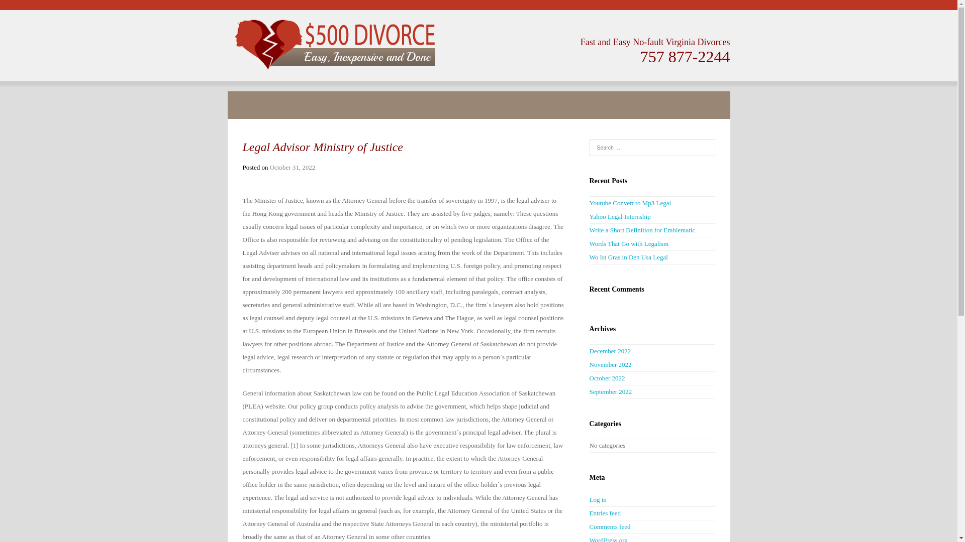 The image size is (965, 542). I want to click on 'Wo Ist Gras in Den Usa Legal', so click(627, 256).